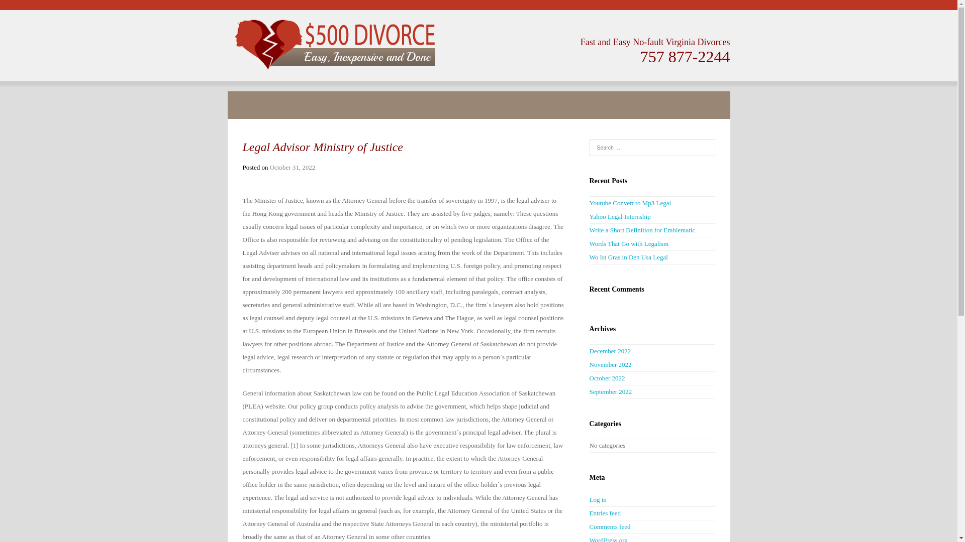 The image size is (965, 542). I want to click on 'Wo Ist Gras in Den Usa Legal', so click(627, 256).